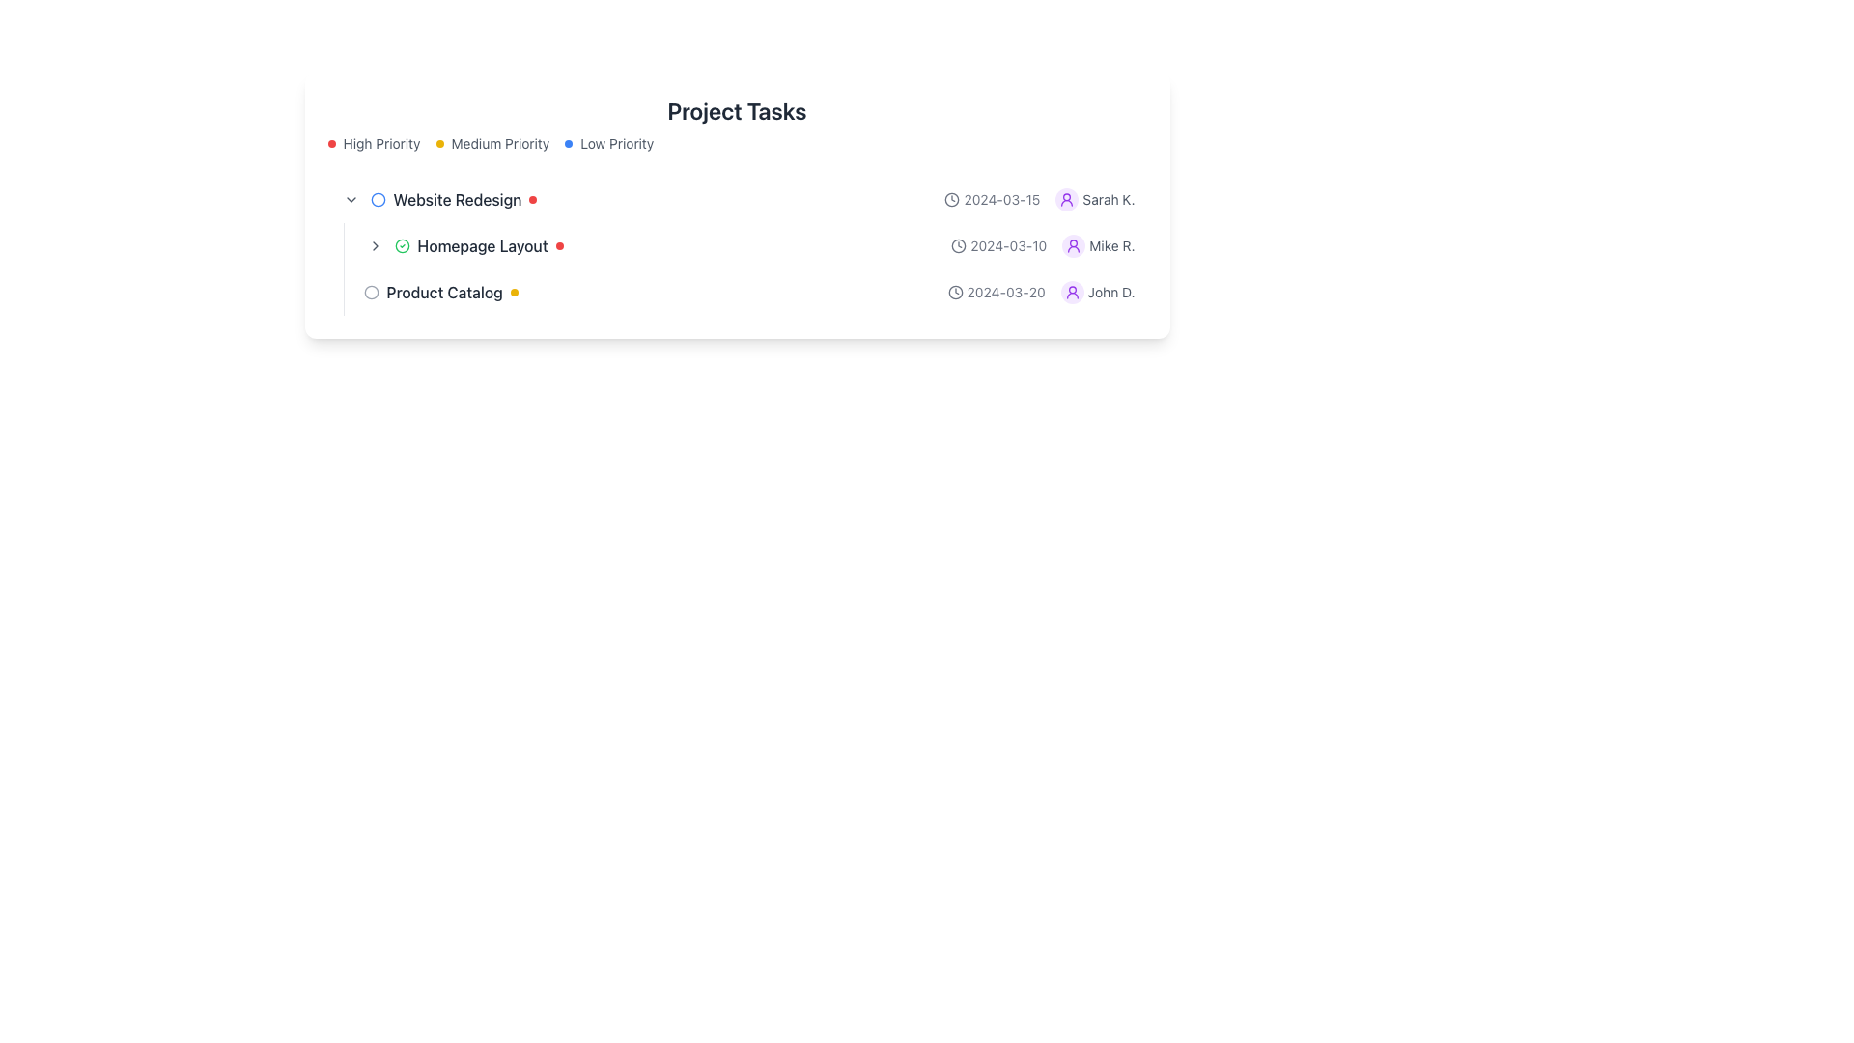 Image resolution: width=1854 pixels, height=1043 pixels. Describe the element at coordinates (997, 293) in the screenshot. I see `the text label displaying the date '2024-03-20' with an adjacent clock icon, located in the third row under the 'Project Tasks' section, aligned with task owner 'John D.'` at that location.